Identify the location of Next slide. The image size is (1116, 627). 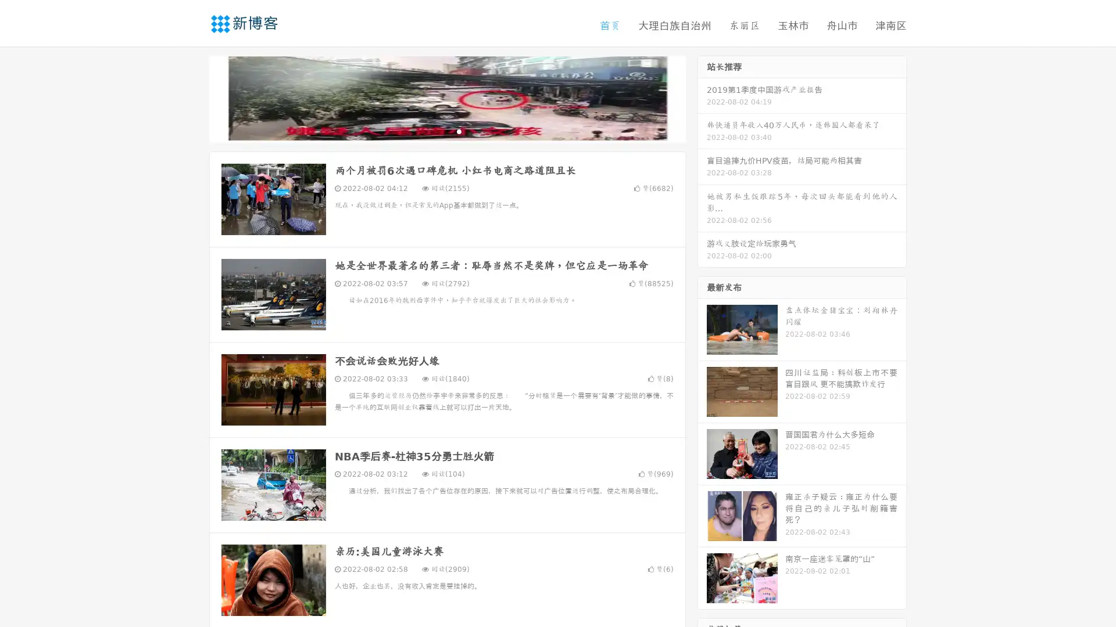
(702, 98).